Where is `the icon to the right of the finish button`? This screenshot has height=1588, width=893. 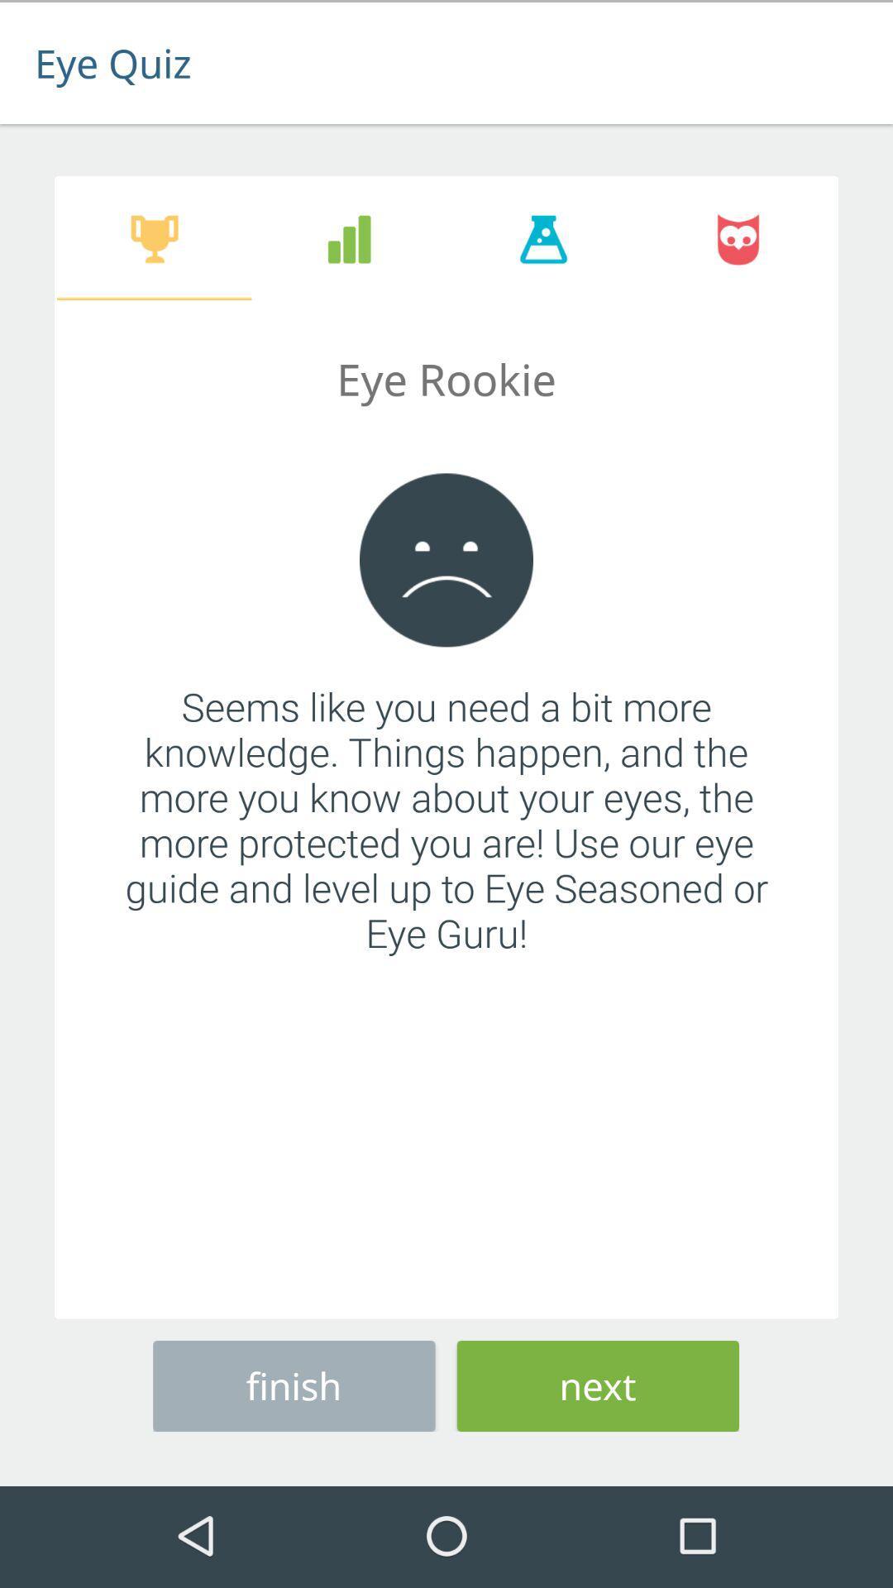 the icon to the right of the finish button is located at coordinates (598, 1383).